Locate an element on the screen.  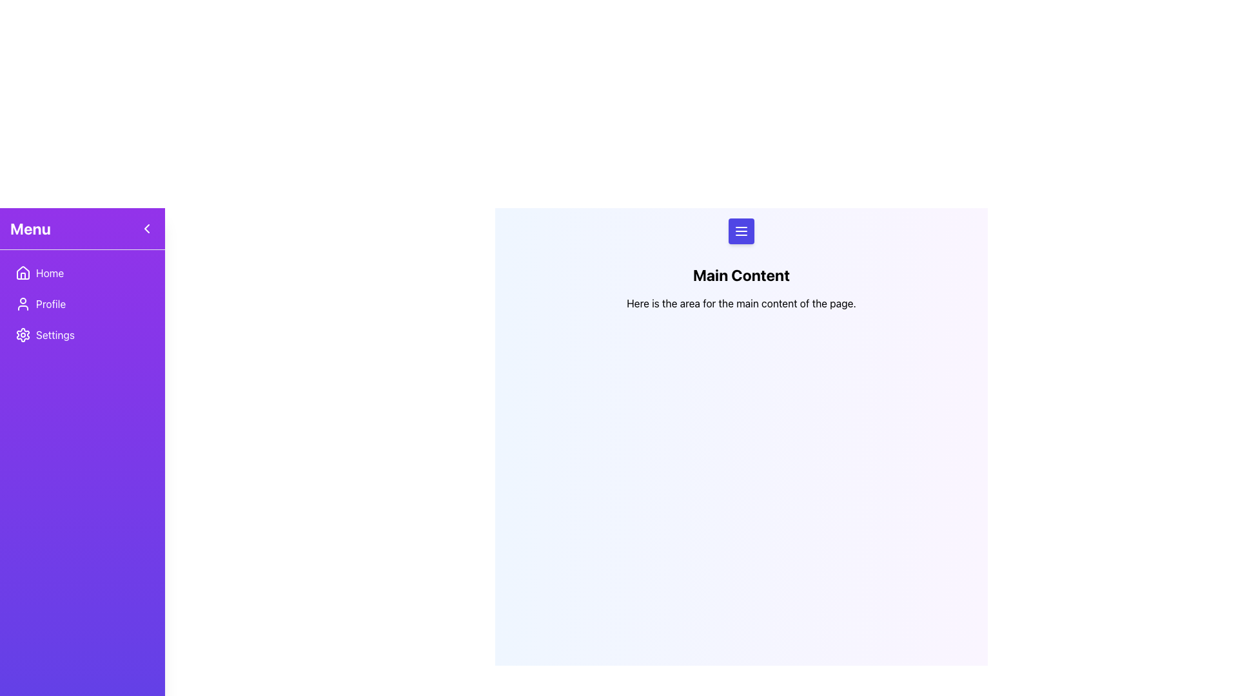
the navigation control button located at the top right corner of the purple sidebar, opposite the 'Menu' text is located at coordinates (146, 227).